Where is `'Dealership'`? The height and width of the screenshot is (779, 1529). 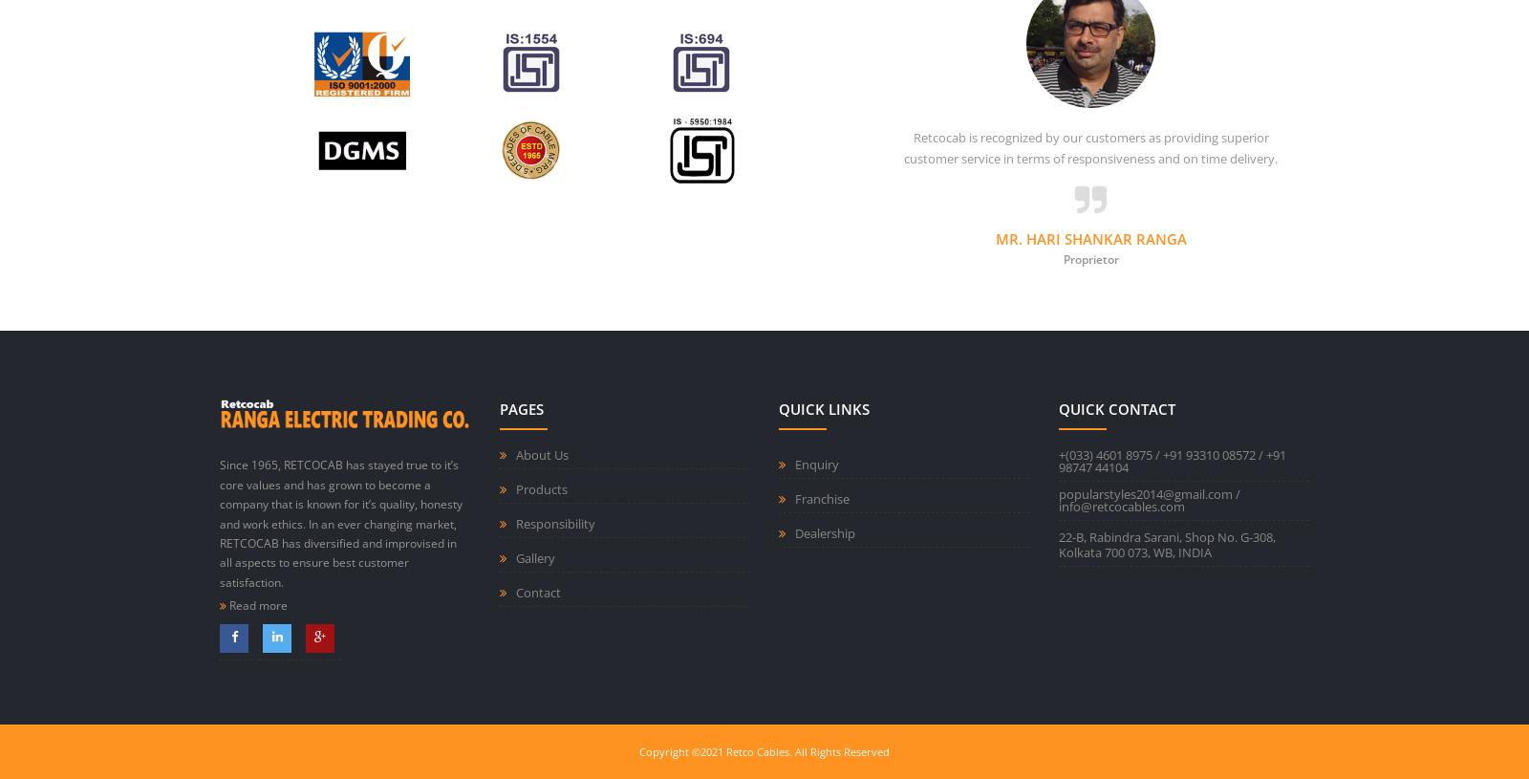
'Dealership' is located at coordinates (824, 532).